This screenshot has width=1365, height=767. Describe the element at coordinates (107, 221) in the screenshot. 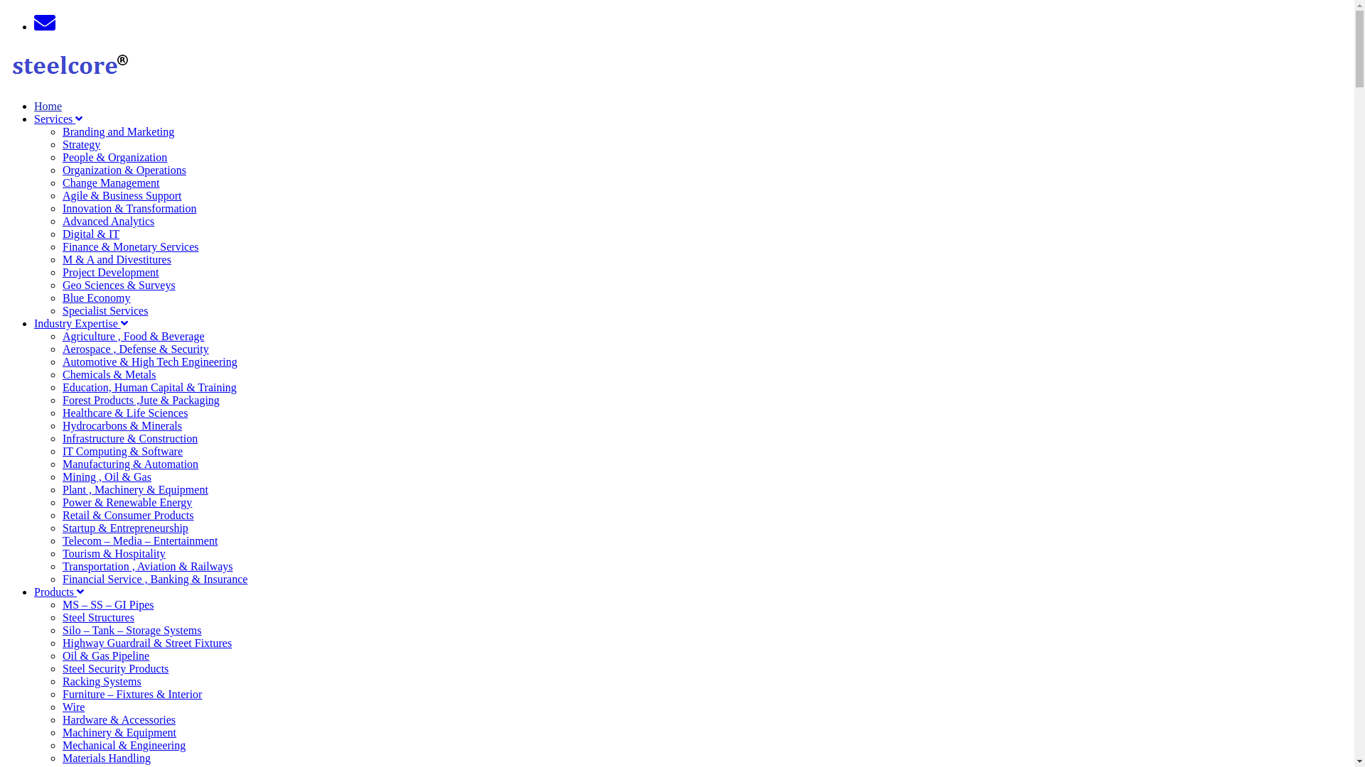

I see `'Advanced Analytics'` at that location.